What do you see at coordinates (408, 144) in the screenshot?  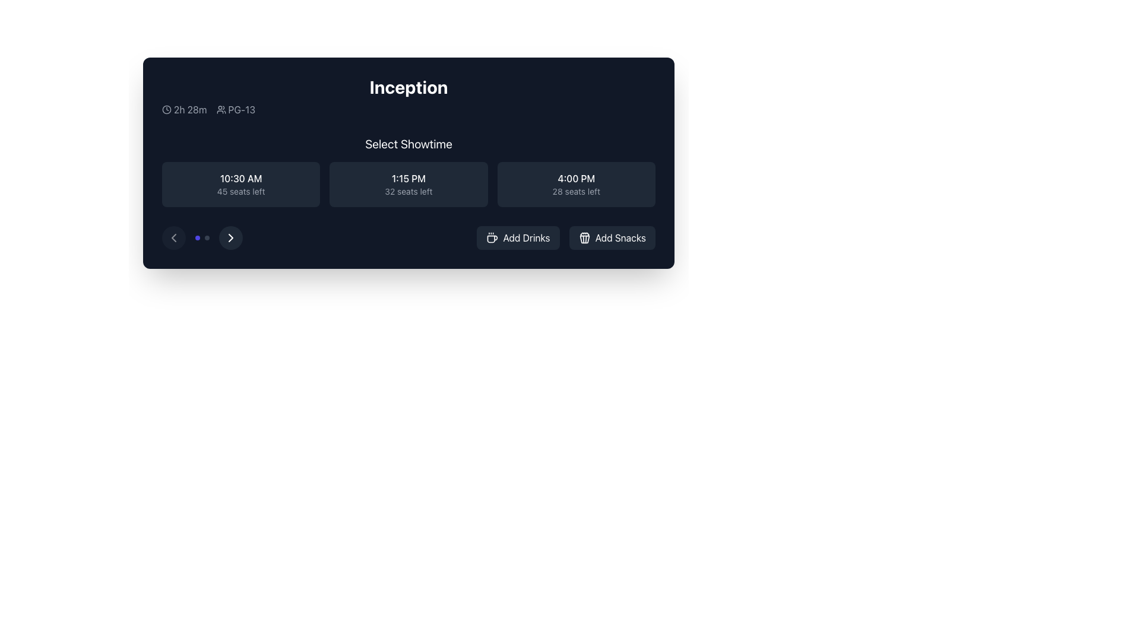 I see `the header text 'Select Showtime', which is styled in white, extra-large font and is centered above the showtime buttons` at bounding box center [408, 144].